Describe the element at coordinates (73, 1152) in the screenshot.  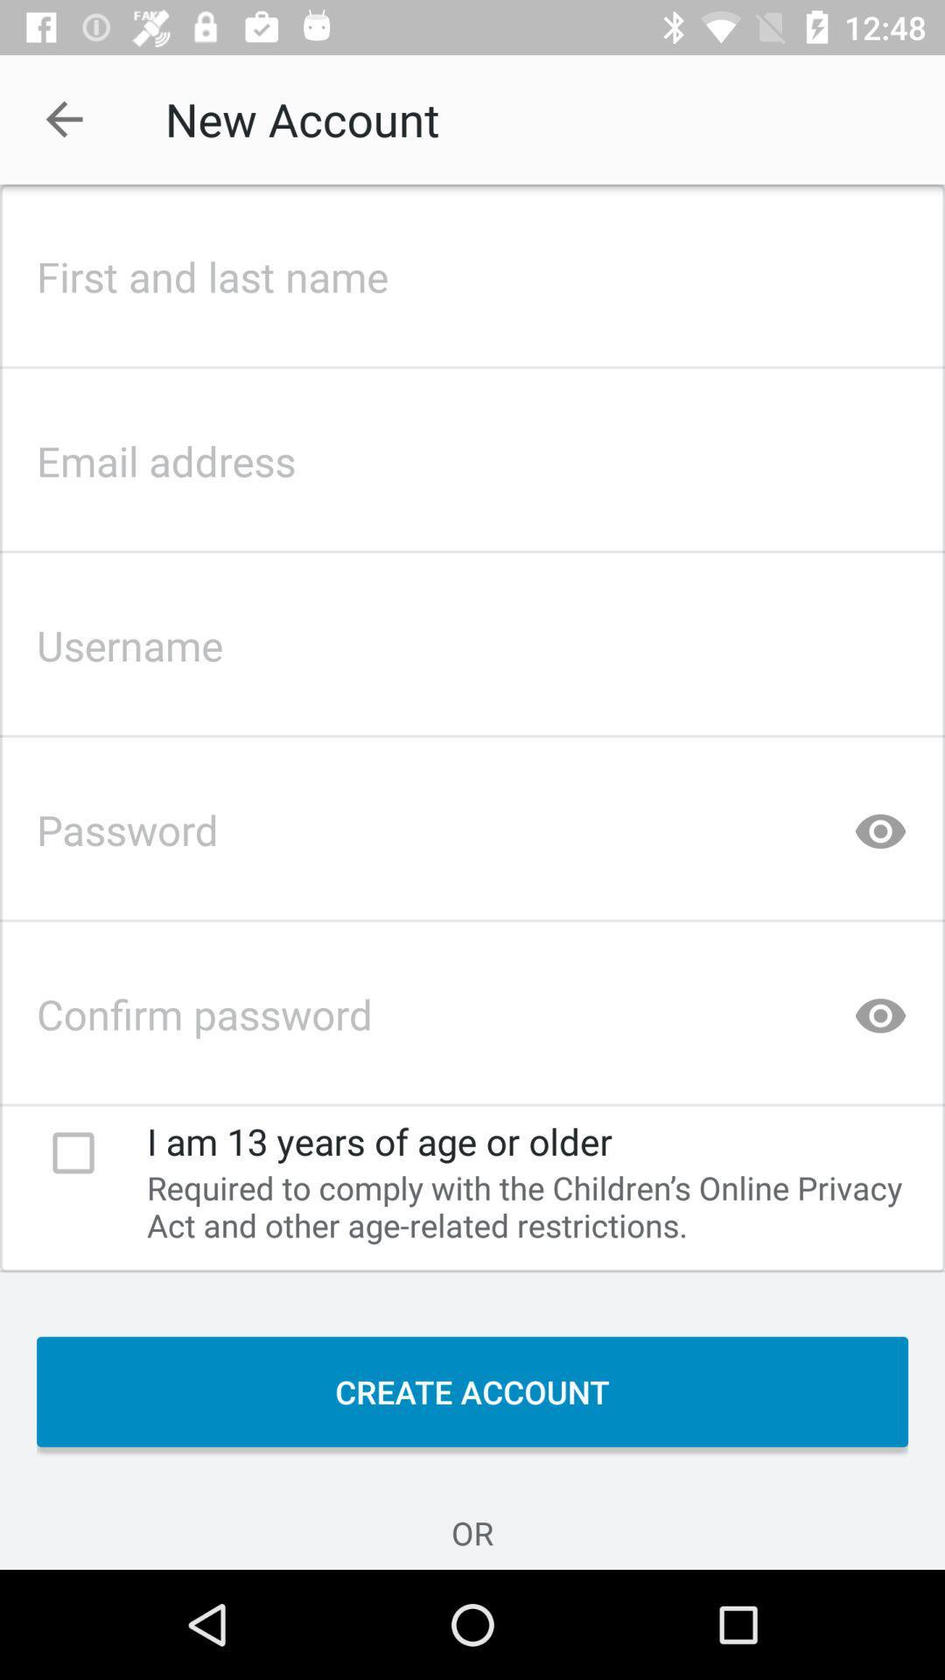
I see `age consent checkbox` at that location.